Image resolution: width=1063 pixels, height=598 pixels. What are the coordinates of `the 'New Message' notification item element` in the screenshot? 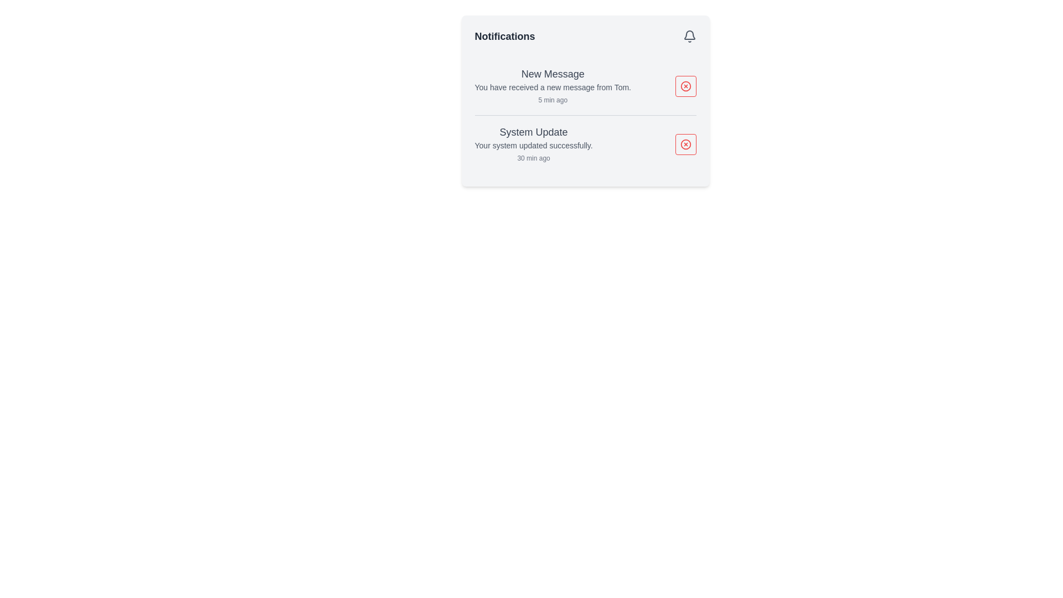 It's located at (553, 85).